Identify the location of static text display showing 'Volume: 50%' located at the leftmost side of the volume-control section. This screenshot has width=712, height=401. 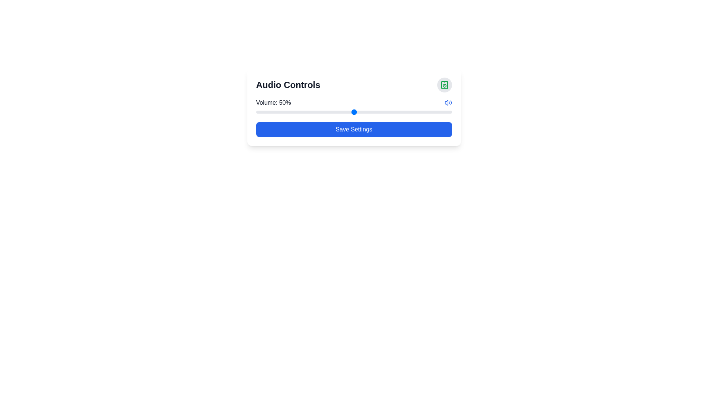
(273, 103).